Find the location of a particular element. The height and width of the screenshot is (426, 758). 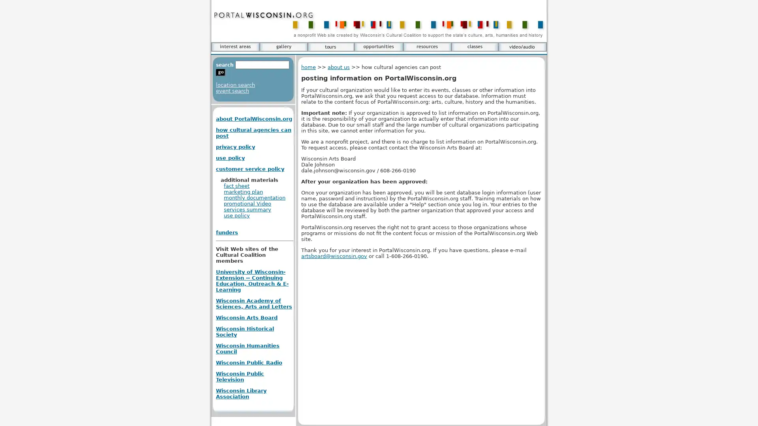

go is located at coordinates (220, 73).